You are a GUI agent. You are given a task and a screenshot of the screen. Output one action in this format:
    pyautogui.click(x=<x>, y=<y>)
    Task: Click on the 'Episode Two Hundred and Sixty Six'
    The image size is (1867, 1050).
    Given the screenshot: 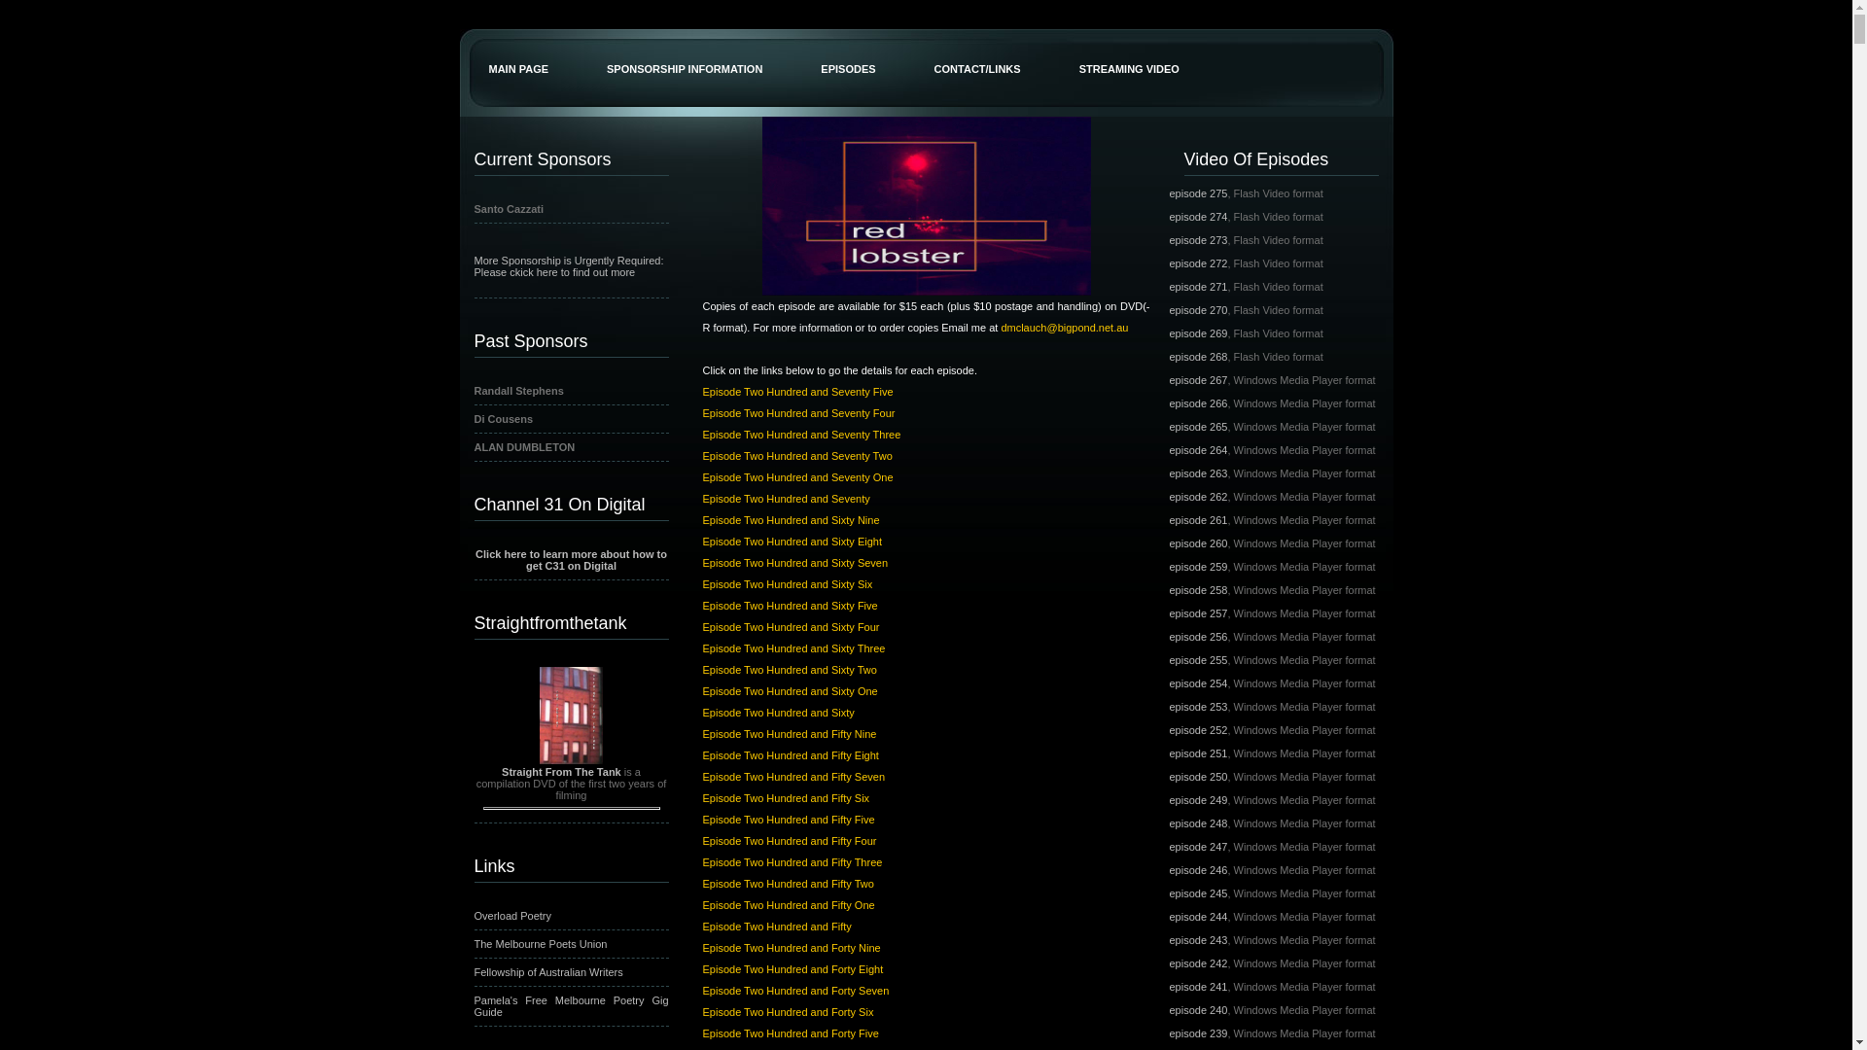 What is the action you would take?
    pyautogui.click(x=787, y=583)
    